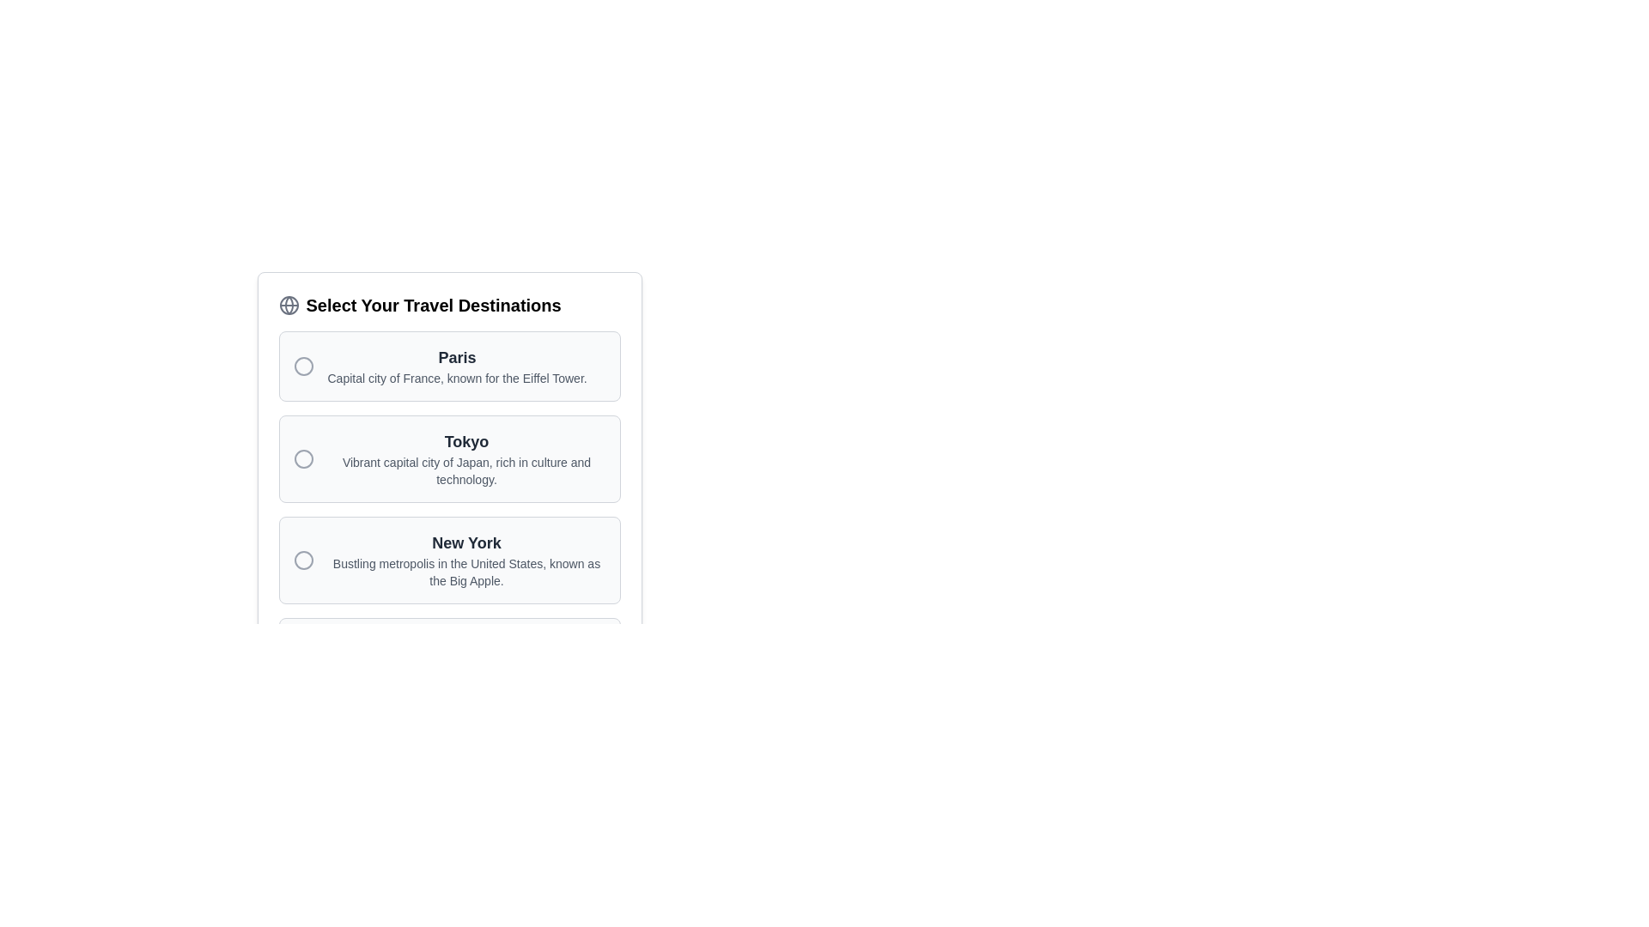 The width and height of the screenshot is (1649, 927). I want to click on the circular radio button next to the 'Paris' label in the travel destination list, so click(303, 366).